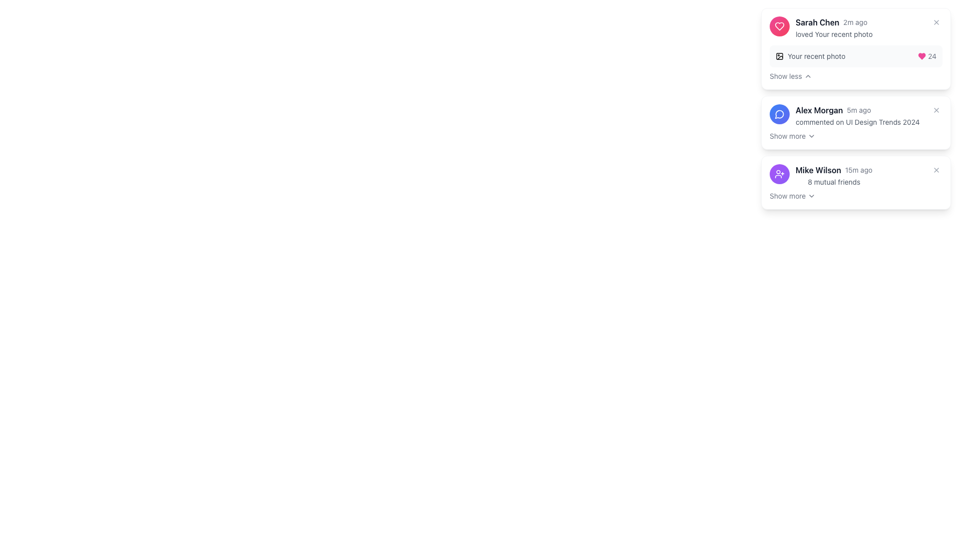  Describe the element at coordinates (834, 22) in the screenshot. I see `the Text information block displaying 'Sarah Chen' and '2m ago' at the top left of the notification card` at that location.